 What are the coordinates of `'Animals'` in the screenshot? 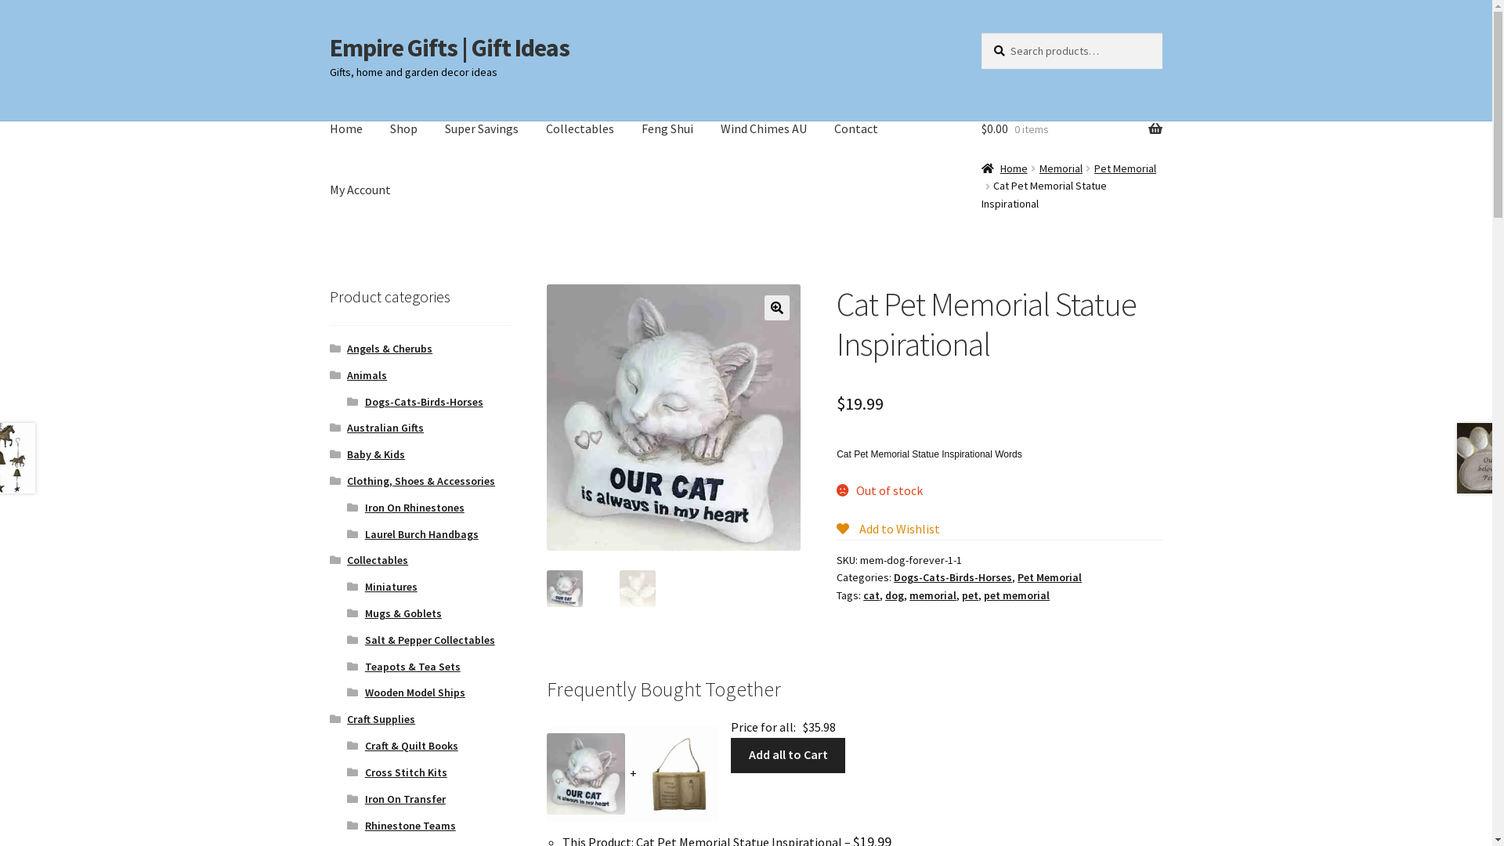 It's located at (366, 374).